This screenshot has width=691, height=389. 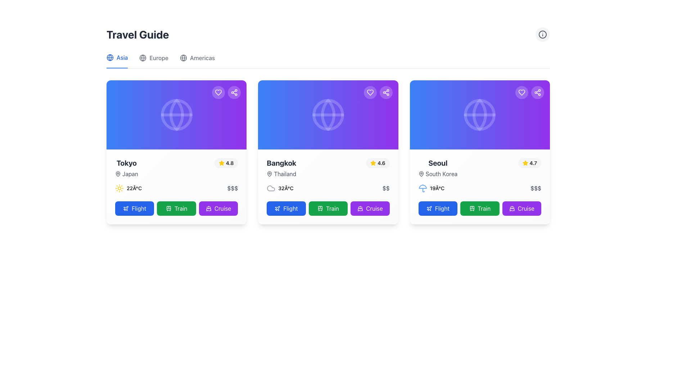 What do you see at coordinates (385, 92) in the screenshot?
I see `the circular button with three interconnected dots in the upper-right corner of the 'Bangkok' card` at bounding box center [385, 92].